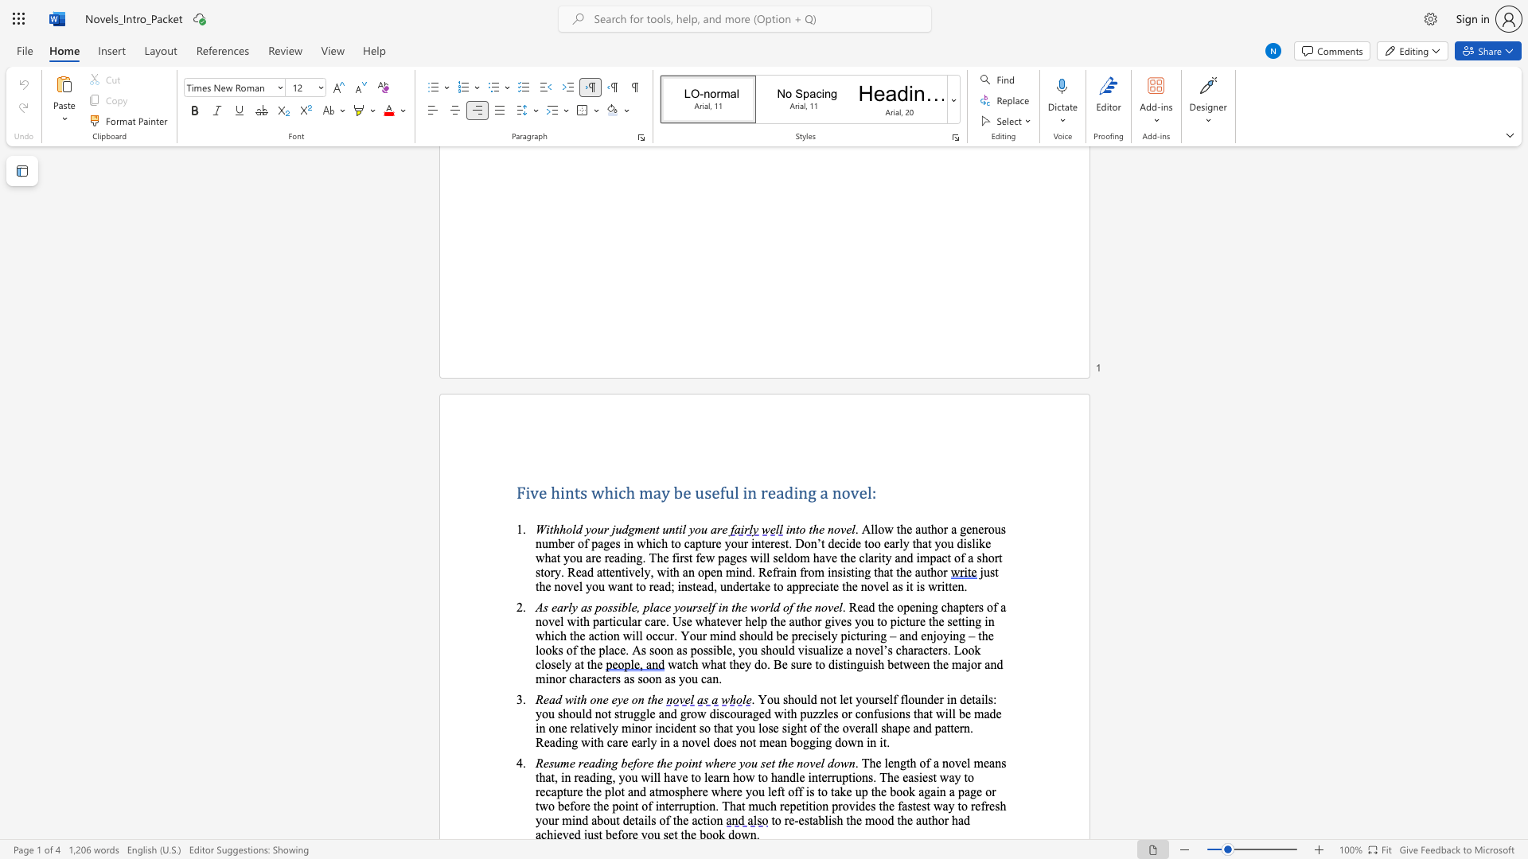  Describe the element at coordinates (965, 529) in the screenshot. I see `the subset text "enerous number of pages in which to captu" within the text ". Allow the author a generous number of pages in which to capture your interest."` at that location.